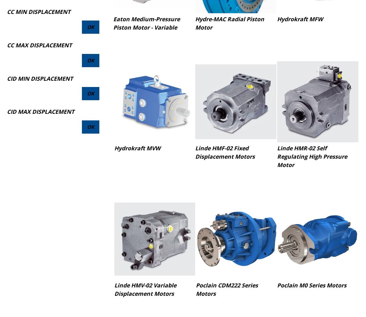 Image resolution: width=366 pixels, height=317 pixels. I want to click on 'Hydre-MAC Radial Piston Motor', so click(229, 23).